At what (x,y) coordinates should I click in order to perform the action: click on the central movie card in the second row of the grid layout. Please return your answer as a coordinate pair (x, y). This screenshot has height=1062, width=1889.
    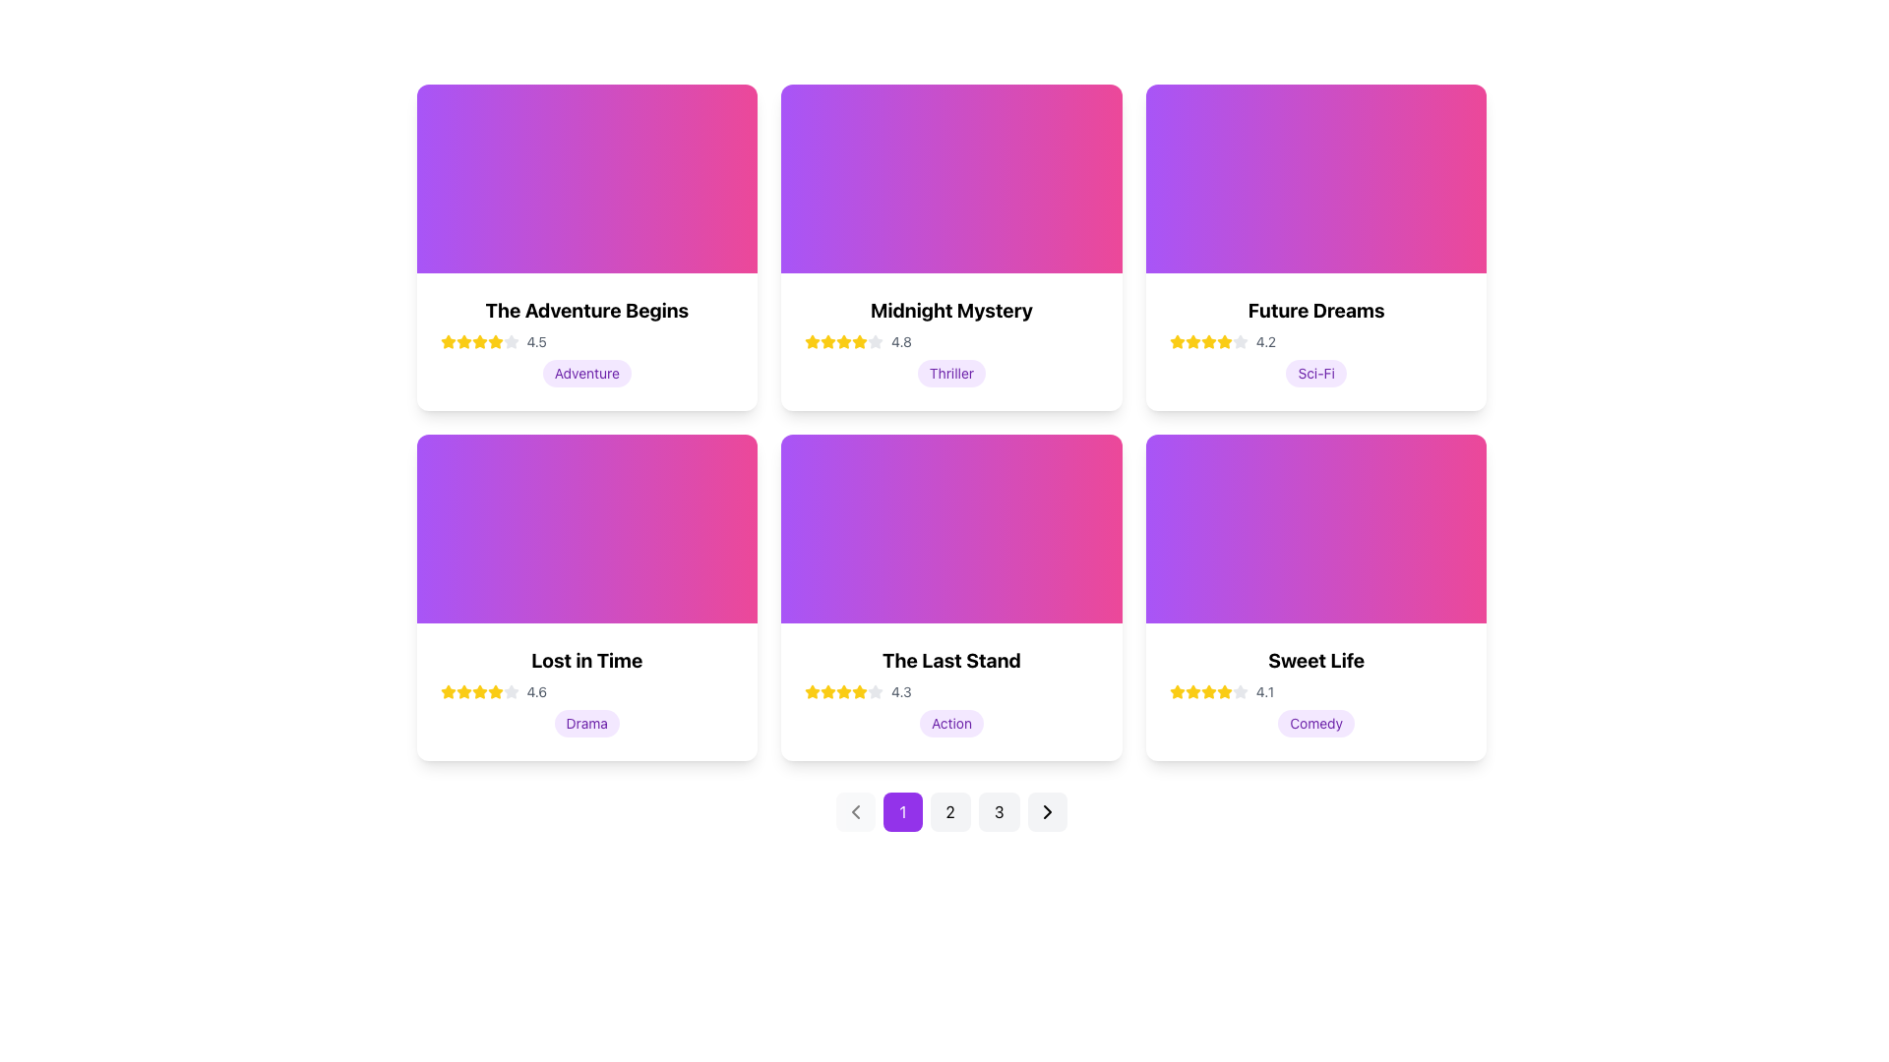
    Looking at the image, I should click on (951, 691).